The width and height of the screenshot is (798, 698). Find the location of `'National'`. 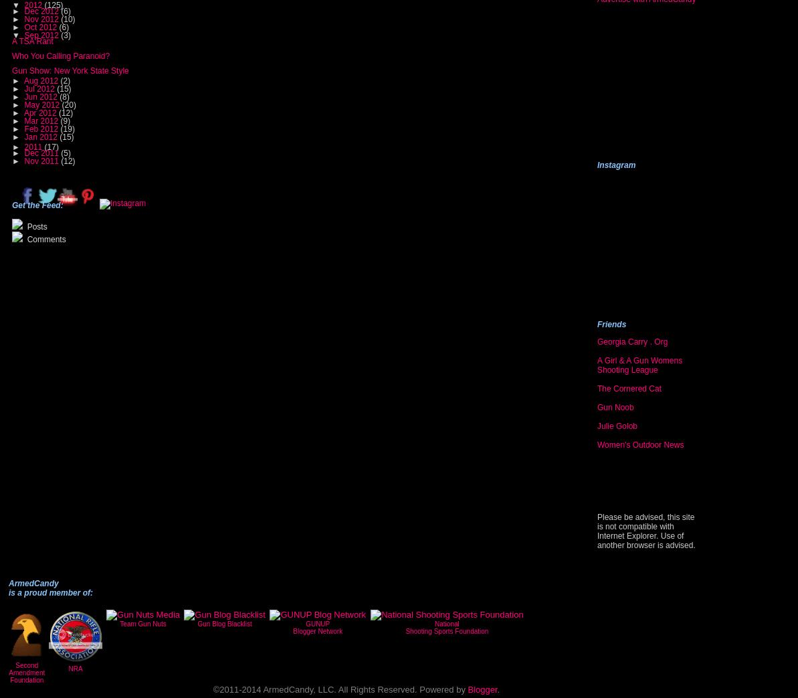

'National' is located at coordinates (433, 623).